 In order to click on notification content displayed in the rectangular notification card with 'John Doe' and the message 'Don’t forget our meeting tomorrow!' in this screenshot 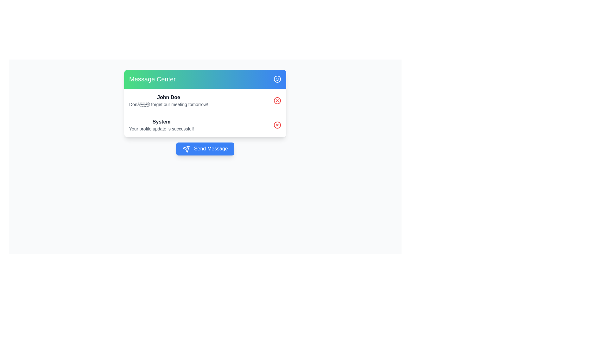, I will do `click(205, 100)`.